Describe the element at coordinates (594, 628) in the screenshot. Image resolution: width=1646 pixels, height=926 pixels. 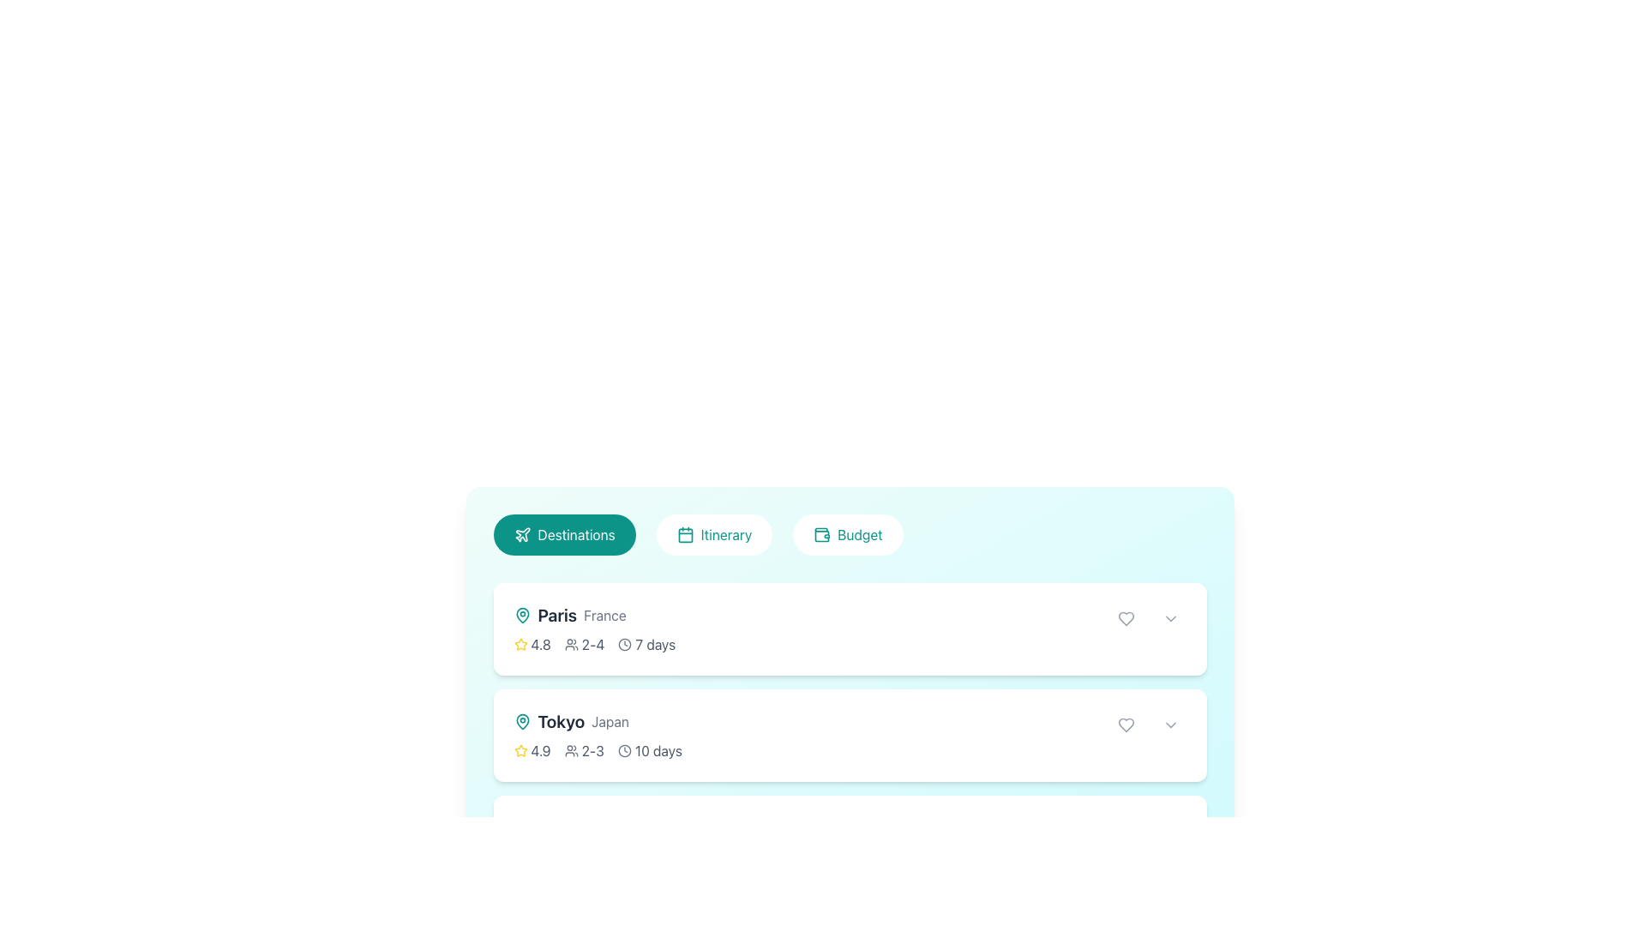
I see `the title 'Paris' or the icons in the information display section for more information about the travel destination` at that location.